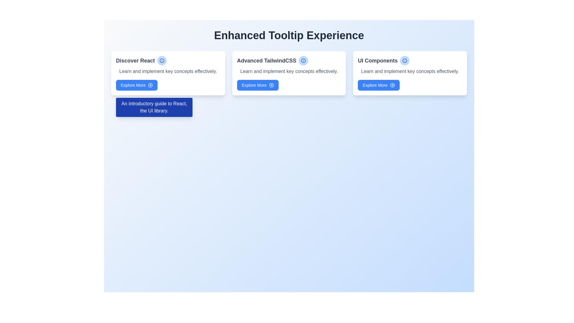  I want to click on the rectangular blue button labeled 'Explore More' with a rightward arrow icon, so click(378, 85).